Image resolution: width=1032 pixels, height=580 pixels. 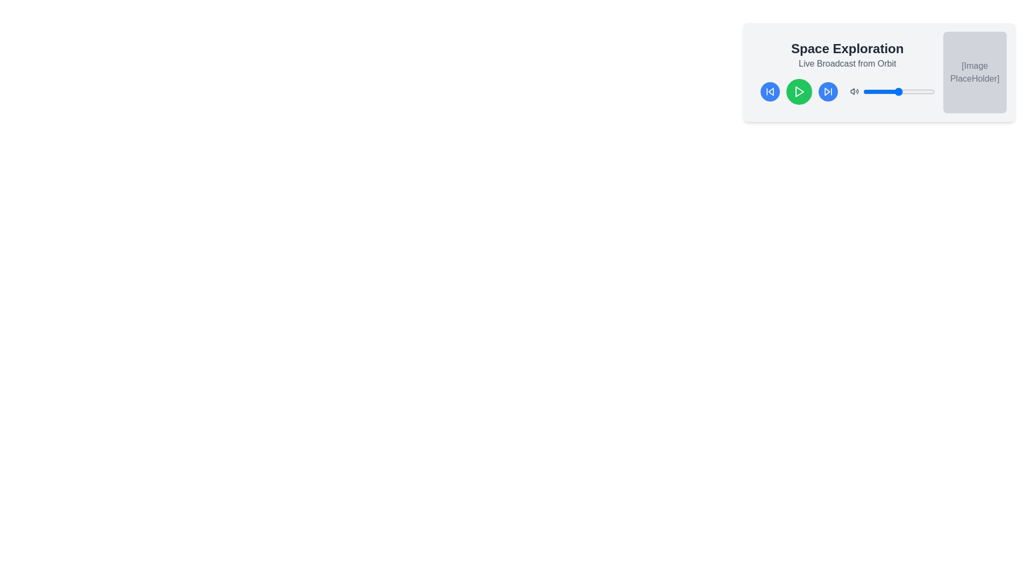 What do you see at coordinates (799, 91) in the screenshot?
I see `the circular button with a green background and white triangular play icon, which is the third button from the left in the row of controls` at bounding box center [799, 91].